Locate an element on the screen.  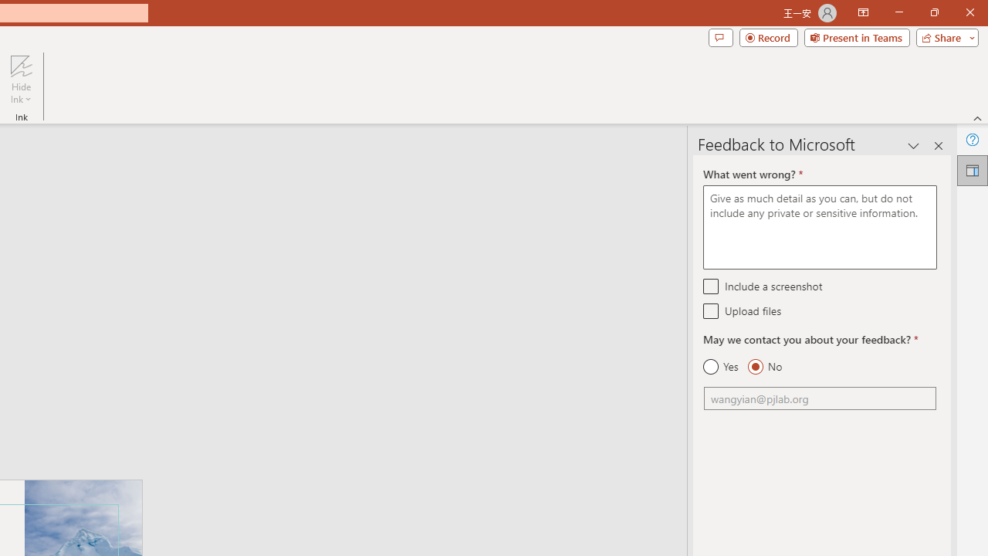
'Include a screenshot' is located at coordinates (710, 286).